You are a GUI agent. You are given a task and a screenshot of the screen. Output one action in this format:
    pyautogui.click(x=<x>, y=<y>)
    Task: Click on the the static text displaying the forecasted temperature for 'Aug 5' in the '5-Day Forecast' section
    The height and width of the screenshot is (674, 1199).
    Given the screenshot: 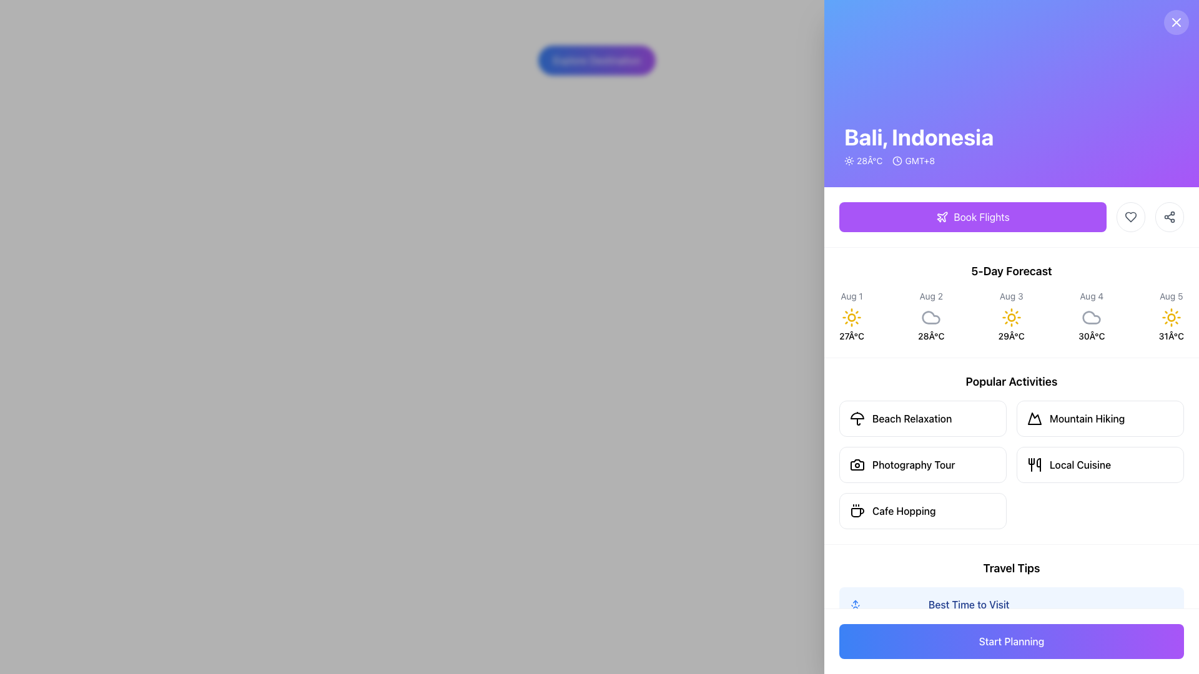 What is the action you would take?
    pyautogui.click(x=1170, y=336)
    